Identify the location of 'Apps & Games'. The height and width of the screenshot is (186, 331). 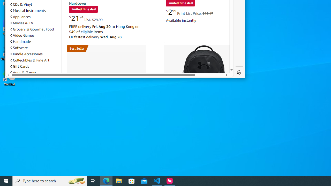
(35, 72).